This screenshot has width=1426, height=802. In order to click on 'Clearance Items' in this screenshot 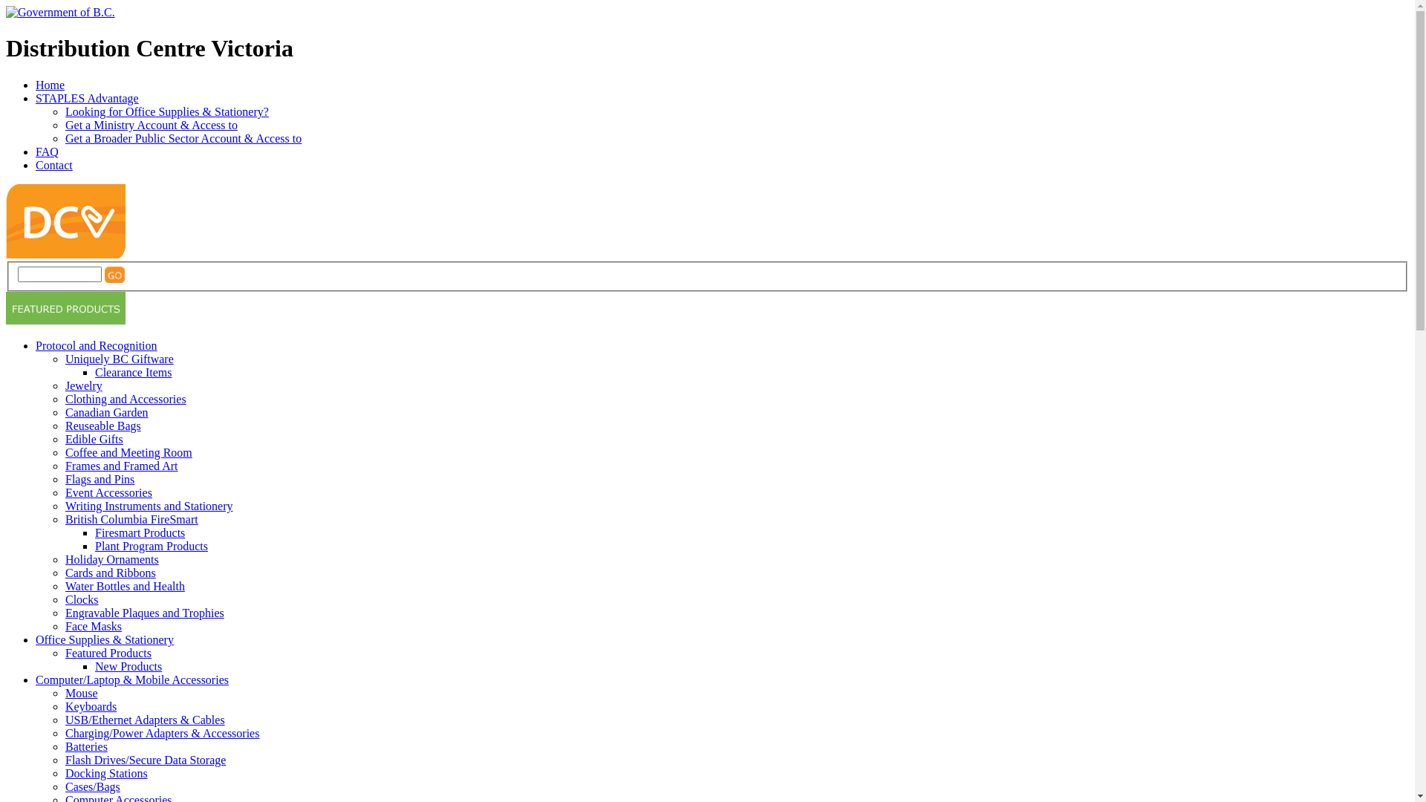, I will do `click(94, 371)`.